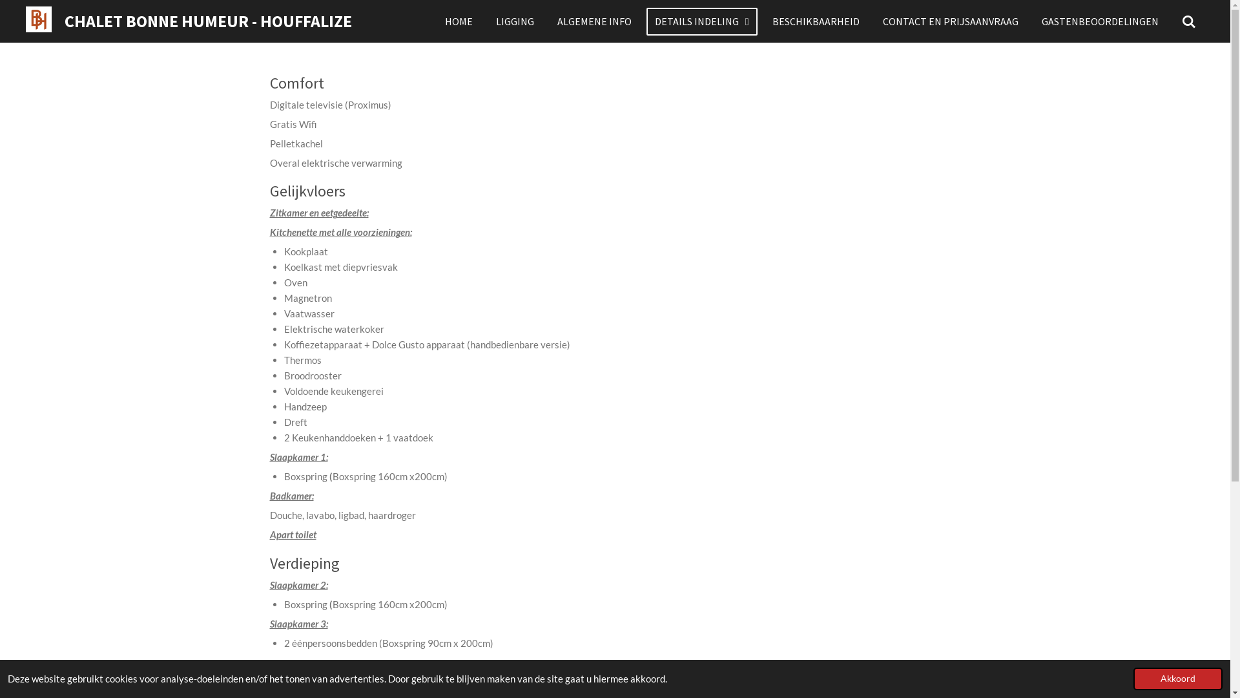  Describe the element at coordinates (1099, 21) in the screenshot. I see `'GASTENBEOORDELINGEN'` at that location.